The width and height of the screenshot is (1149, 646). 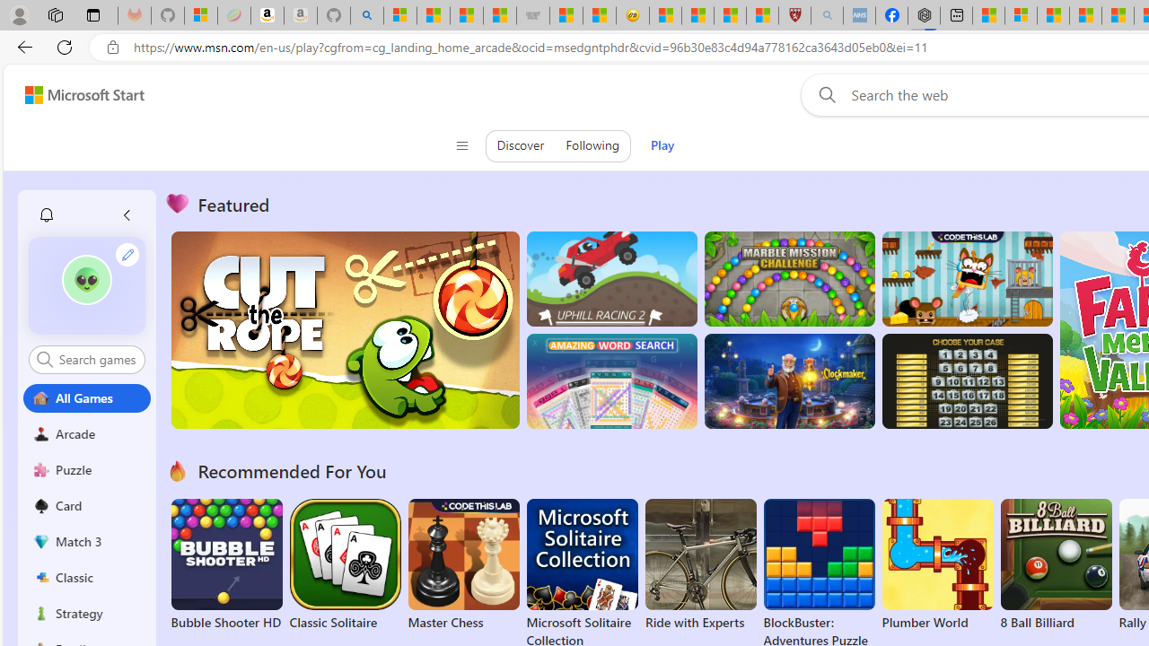 What do you see at coordinates (201, 15) in the screenshot?
I see `'Microsoft-Report a Concern to Bing'` at bounding box center [201, 15].